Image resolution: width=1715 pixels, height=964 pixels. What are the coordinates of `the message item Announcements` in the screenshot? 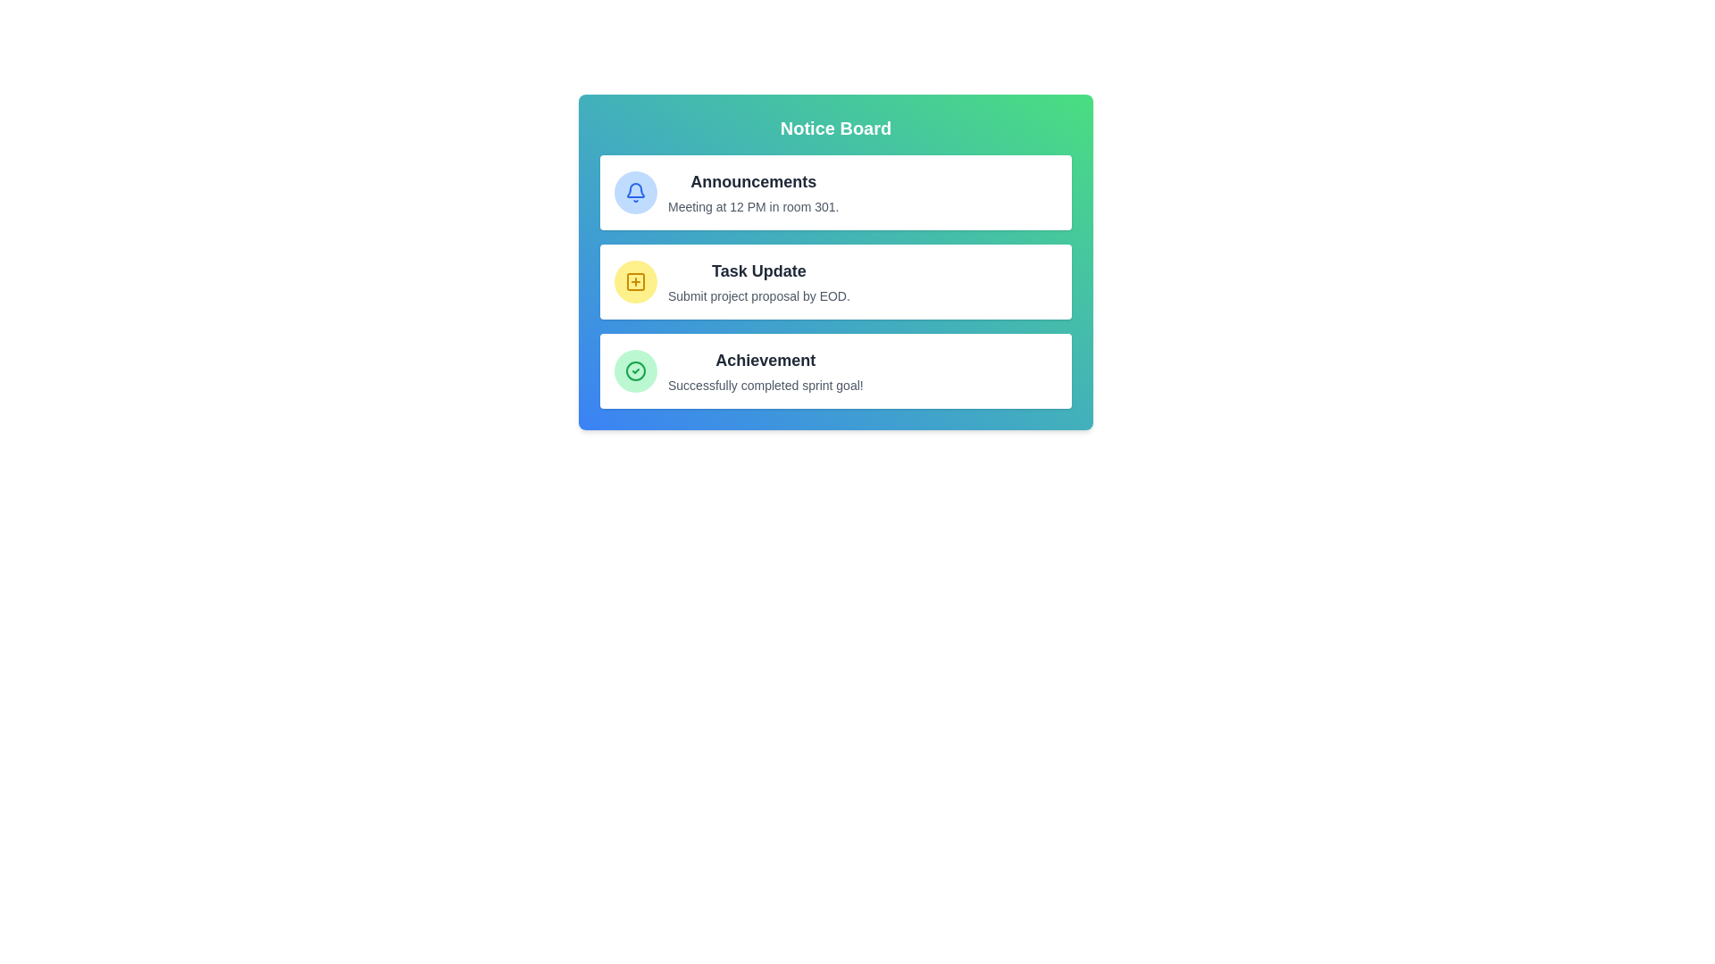 It's located at (835, 193).